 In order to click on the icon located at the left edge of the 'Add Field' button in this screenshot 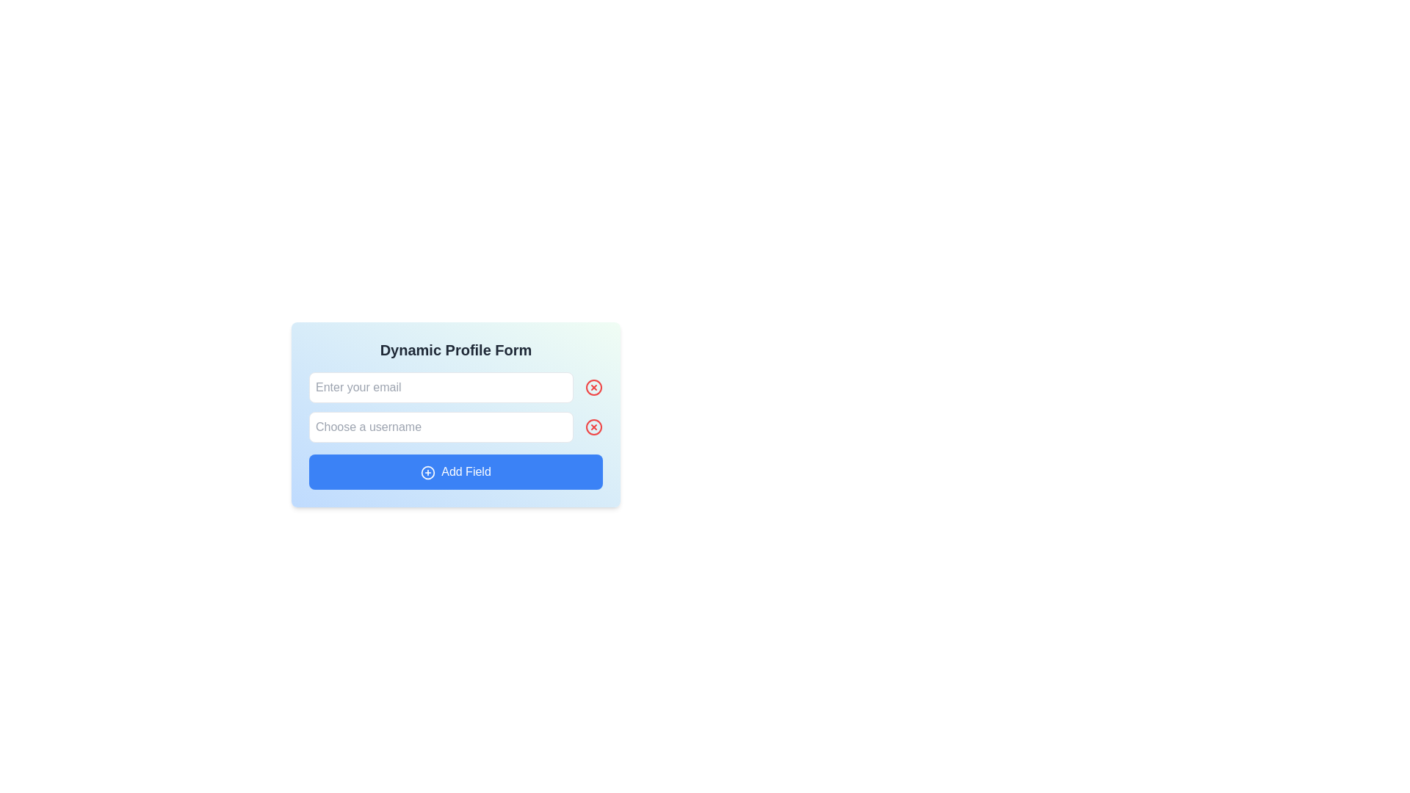, I will do `click(427, 472)`.